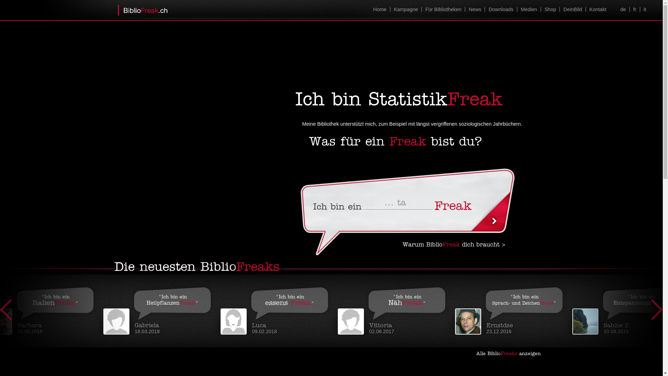  Describe the element at coordinates (161, 308) in the screenshot. I see `'"Ich bin ein` at that location.